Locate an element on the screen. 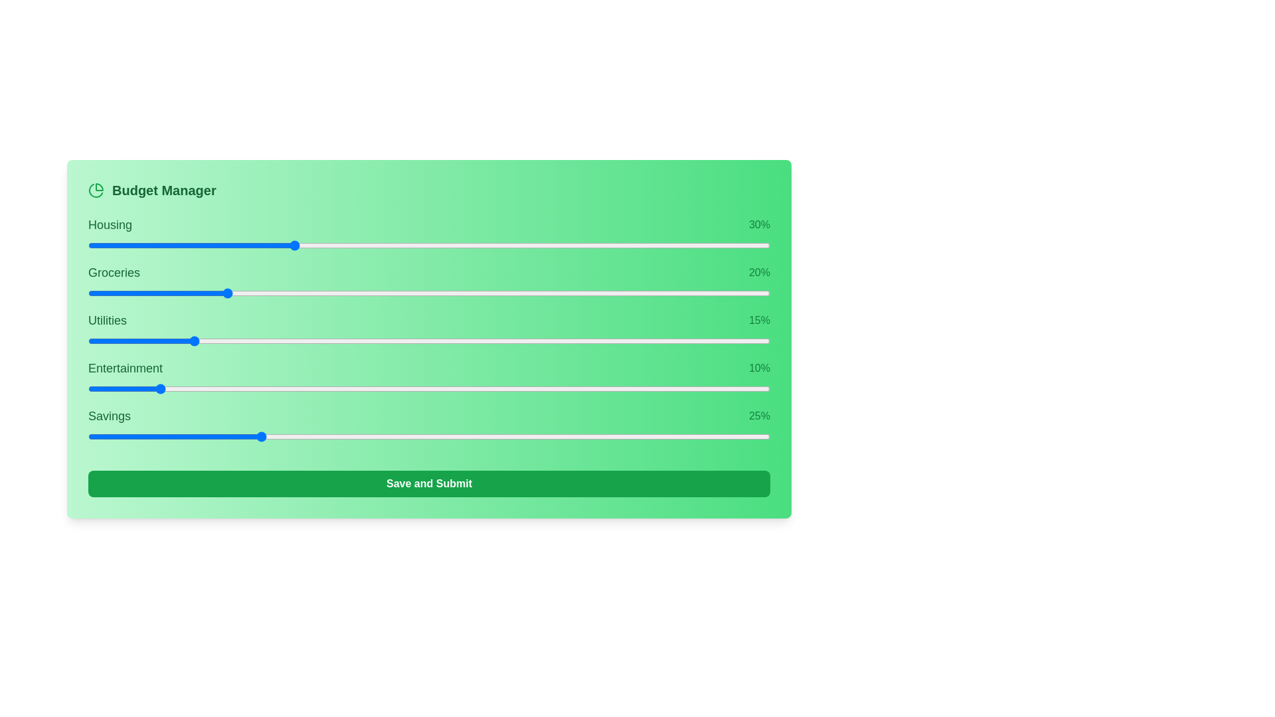 The width and height of the screenshot is (1275, 717). the slider for 3 to 45% allocation is located at coordinates (582, 388).